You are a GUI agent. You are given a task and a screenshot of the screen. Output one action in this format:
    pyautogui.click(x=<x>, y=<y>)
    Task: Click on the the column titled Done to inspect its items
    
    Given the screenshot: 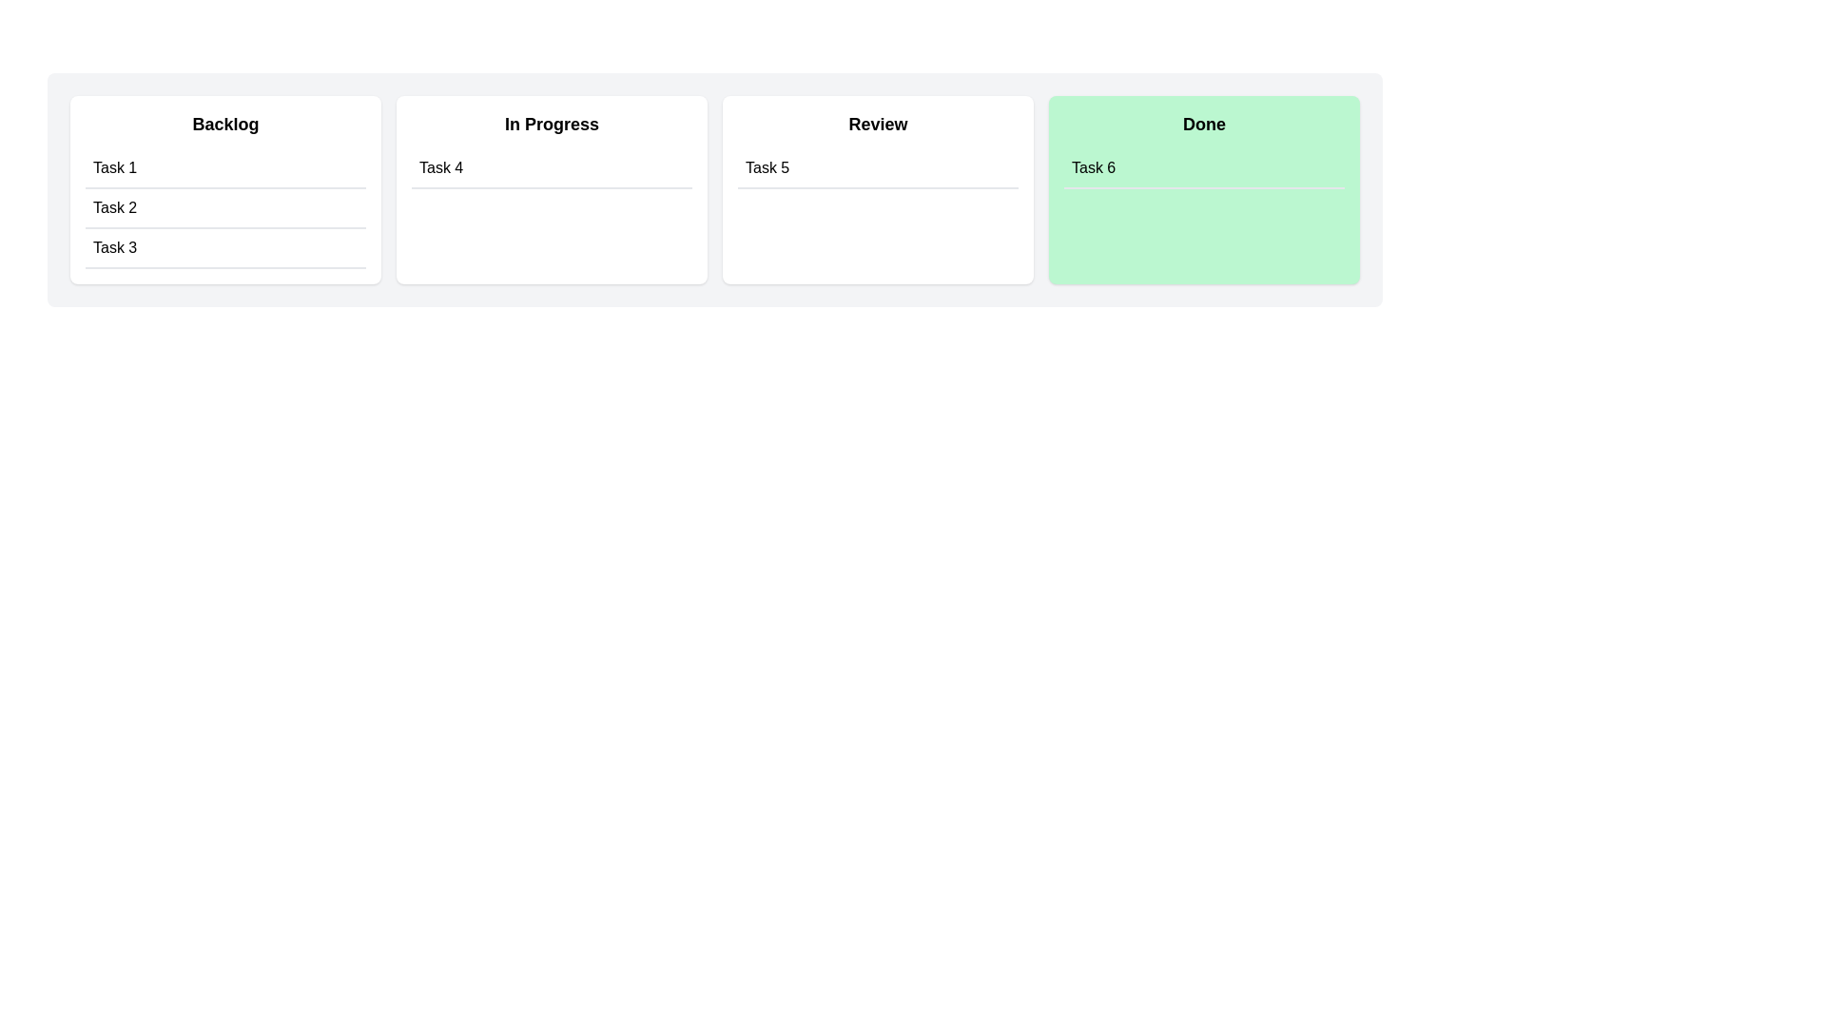 What is the action you would take?
    pyautogui.click(x=1203, y=190)
    